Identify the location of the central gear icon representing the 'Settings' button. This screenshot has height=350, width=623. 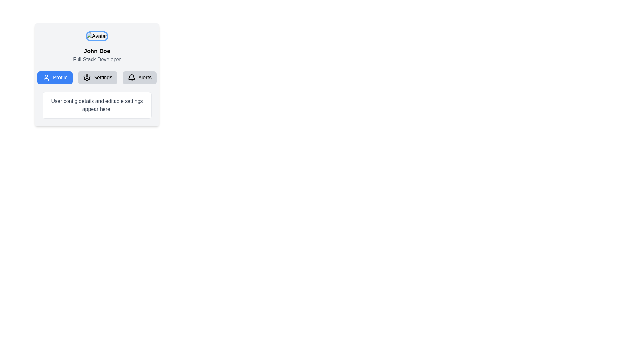
(87, 77).